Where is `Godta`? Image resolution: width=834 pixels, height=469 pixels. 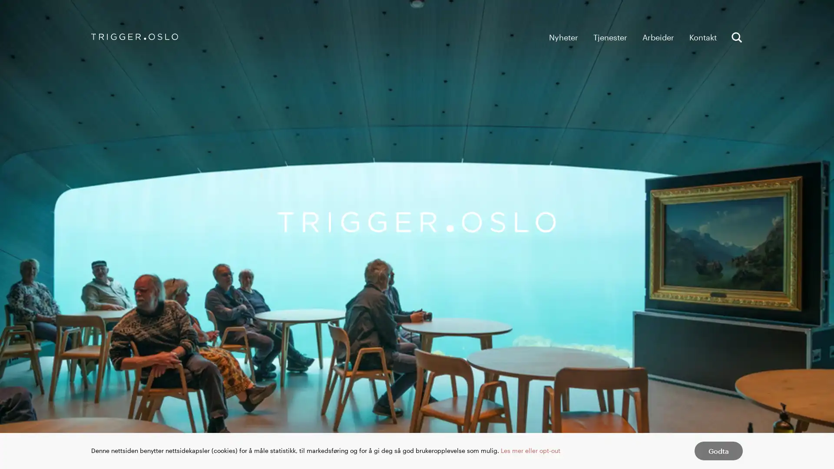
Godta is located at coordinates (718, 450).